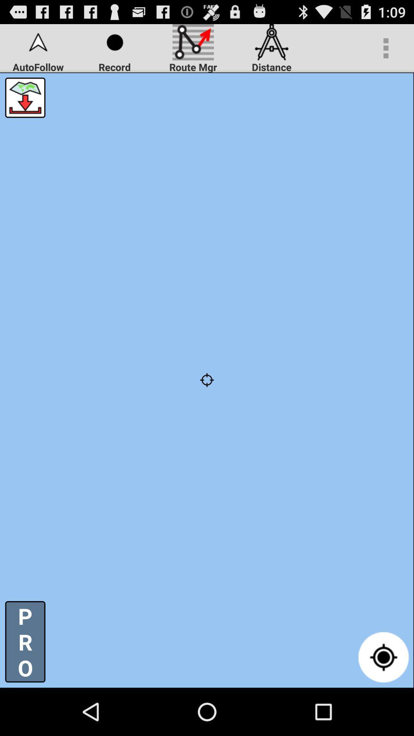  Describe the element at coordinates (25, 97) in the screenshot. I see `open map` at that location.